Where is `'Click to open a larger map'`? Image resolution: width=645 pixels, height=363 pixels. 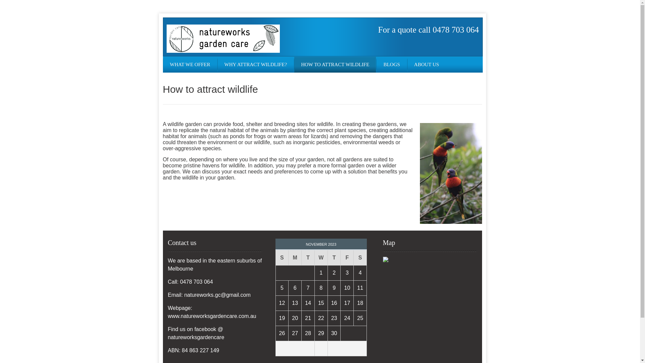
'Click to open a larger map' is located at coordinates (385, 259).